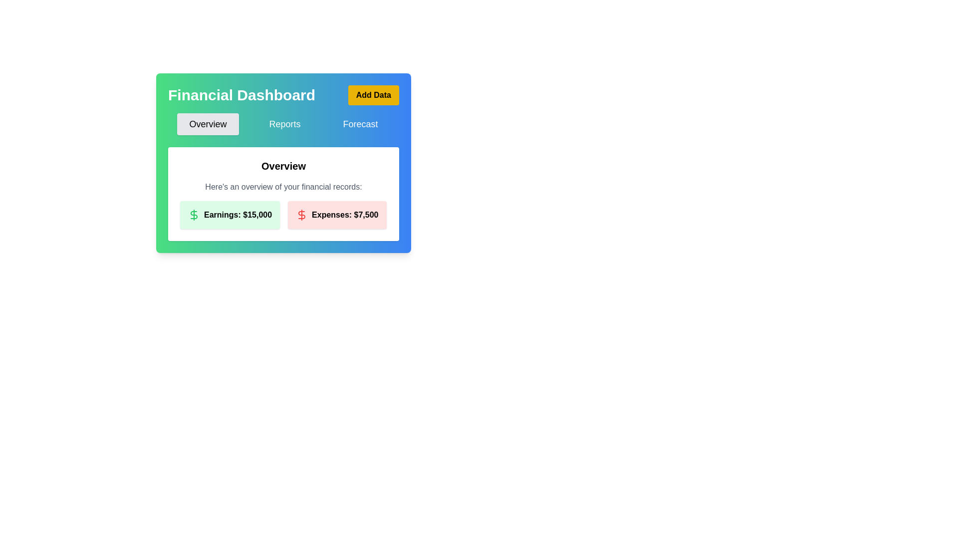 This screenshot has width=958, height=539. What do you see at coordinates (208, 124) in the screenshot?
I see `the 'Overview' button` at bounding box center [208, 124].